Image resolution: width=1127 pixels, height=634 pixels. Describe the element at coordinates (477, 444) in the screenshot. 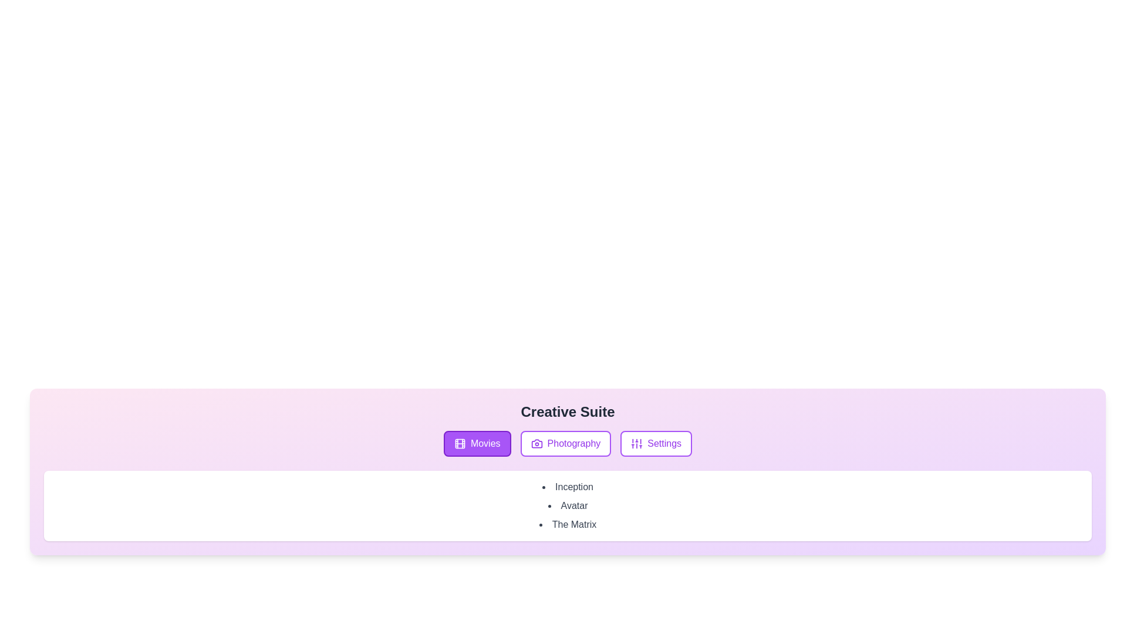

I see `the 'Movies' button, which is a rectangular button with a purple background and white text, featuring a film strip icon to the left of the text` at that location.